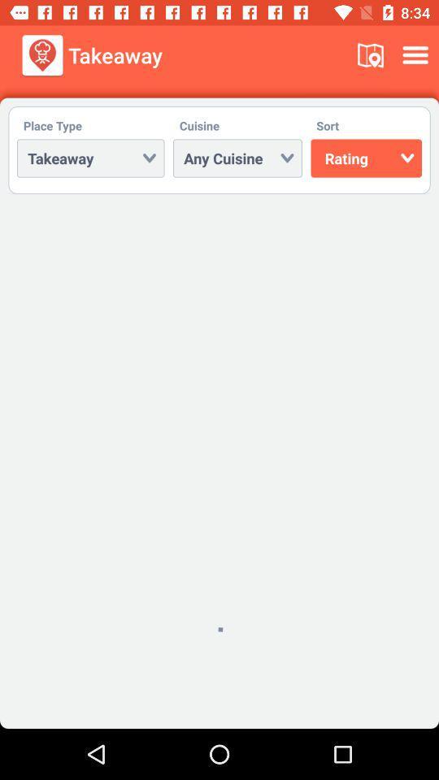  I want to click on the icon left to menu button, so click(371, 55).